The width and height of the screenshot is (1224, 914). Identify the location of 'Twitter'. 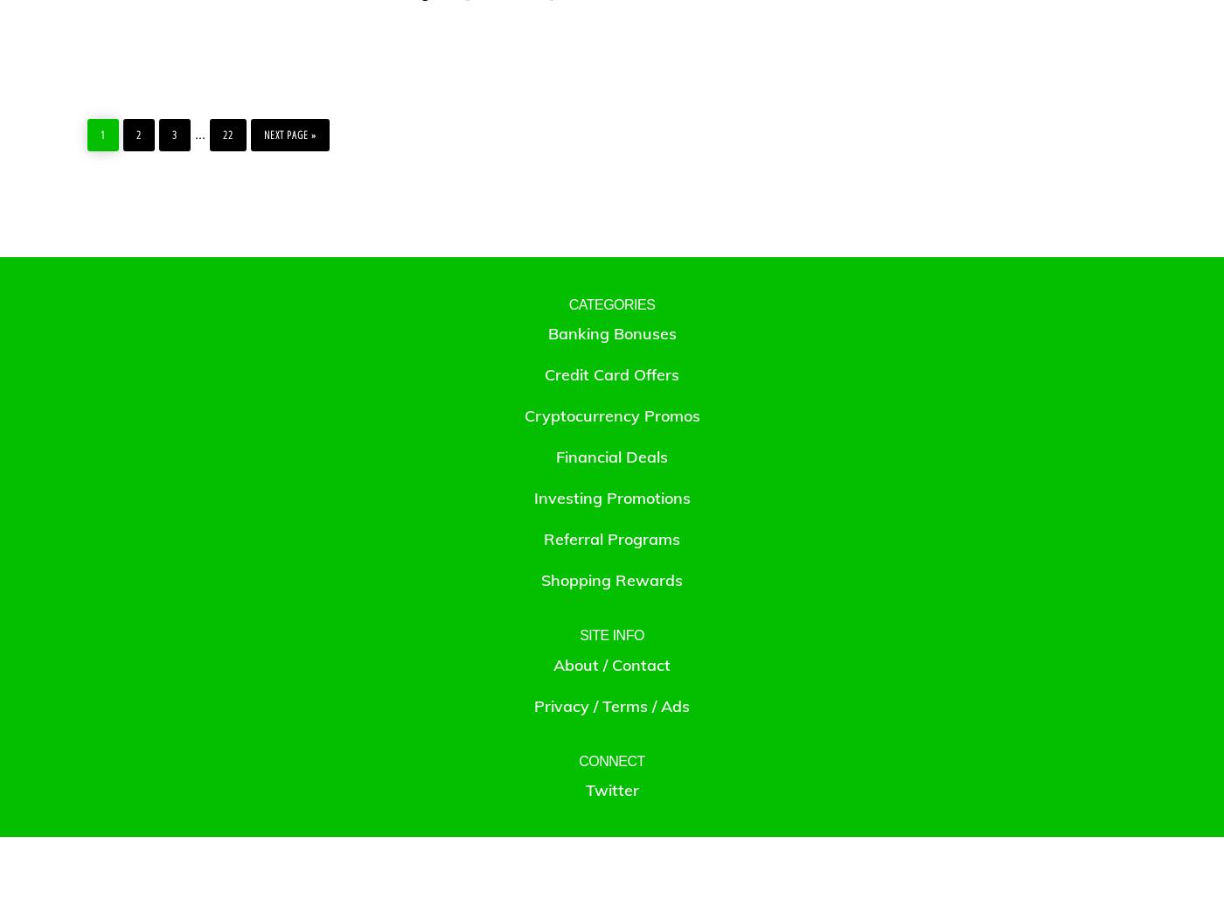
(585, 789).